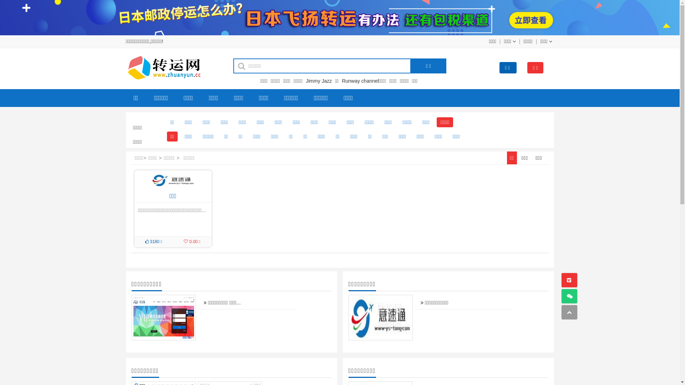 The image size is (685, 385). Describe the element at coordinates (306, 81) in the screenshot. I see `'Jimmy Jazz'` at that location.